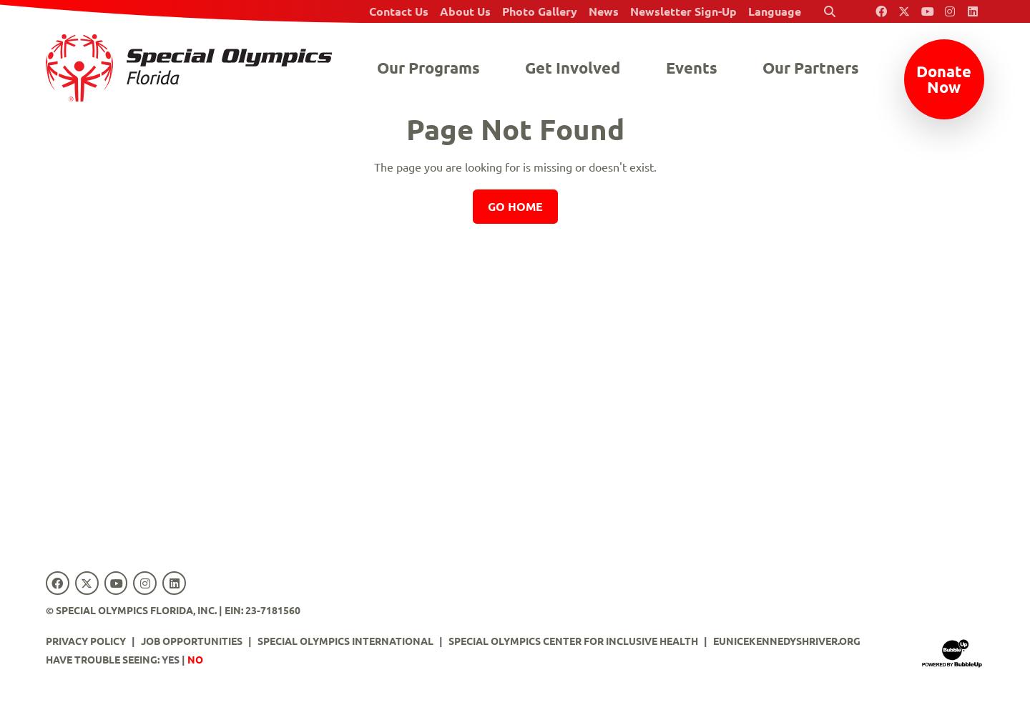  Describe the element at coordinates (45, 659) in the screenshot. I see `'Have Trouble Seeing:'` at that location.